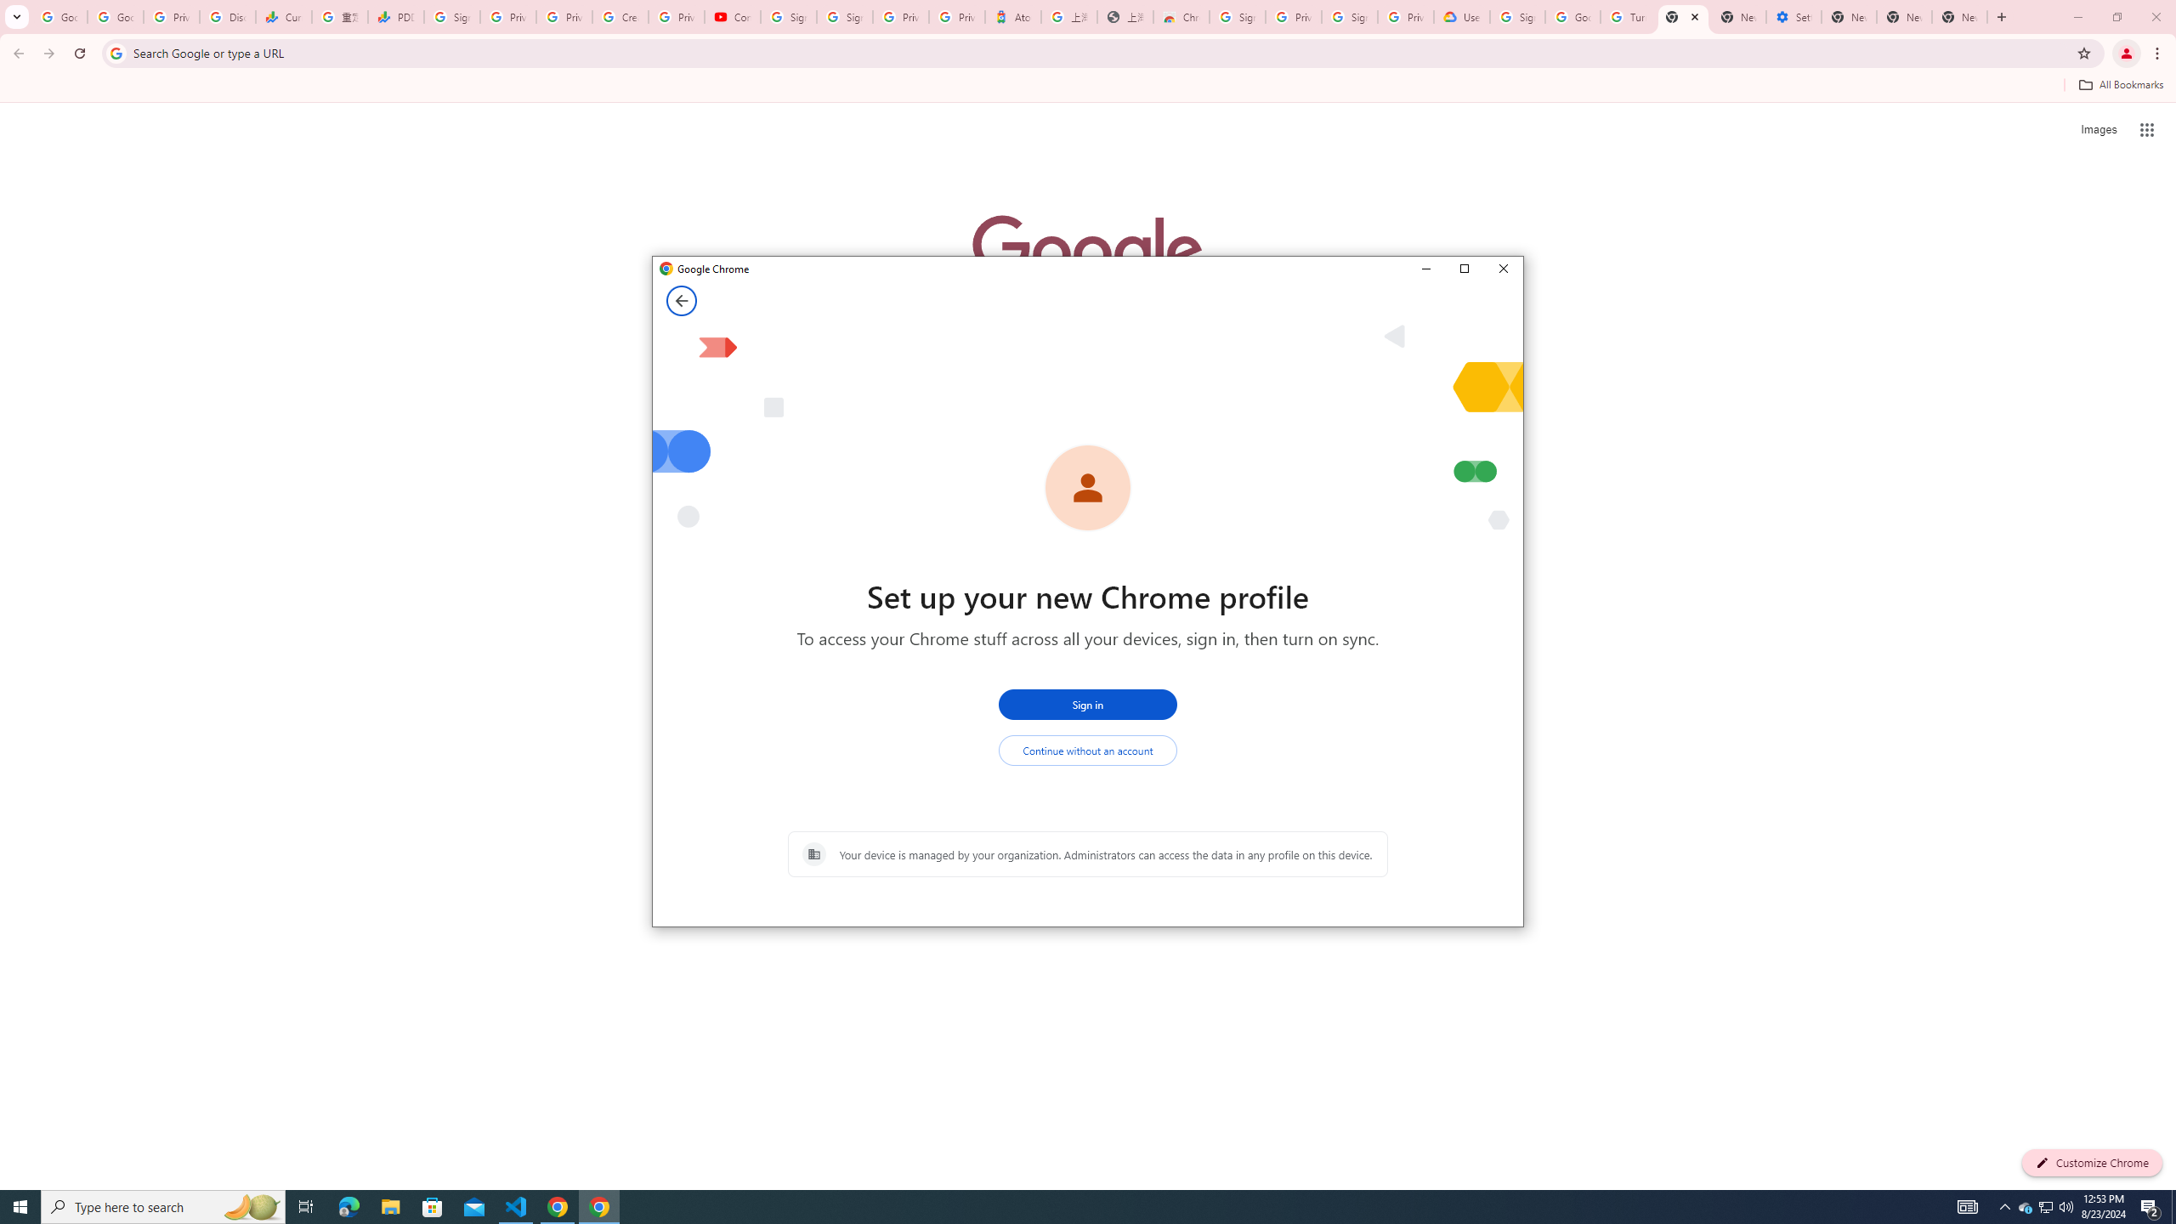  What do you see at coordinates (2150, 1205) in the screenshot?
I see `'Action Center, 2 new notifications'` at bounding box center [2150, 1205].